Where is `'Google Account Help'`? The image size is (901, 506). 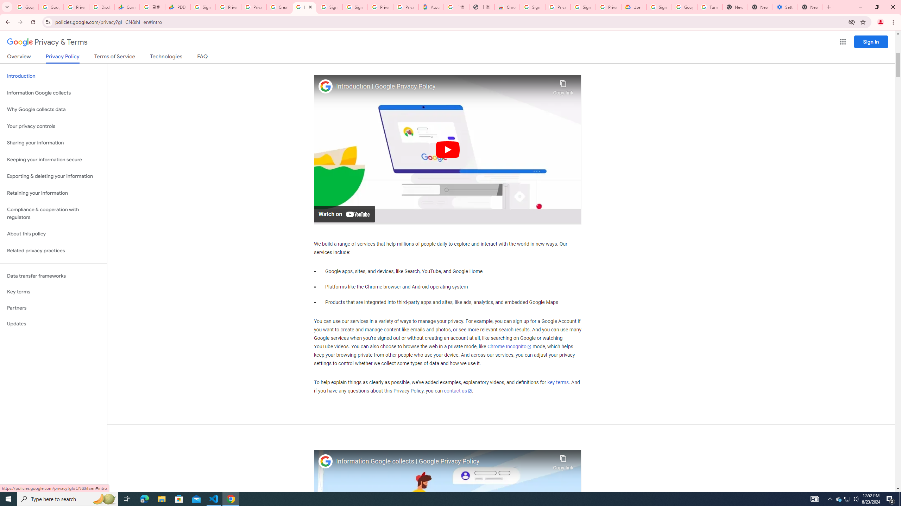
'Google Account Help' is located at coordinates (684, 7).